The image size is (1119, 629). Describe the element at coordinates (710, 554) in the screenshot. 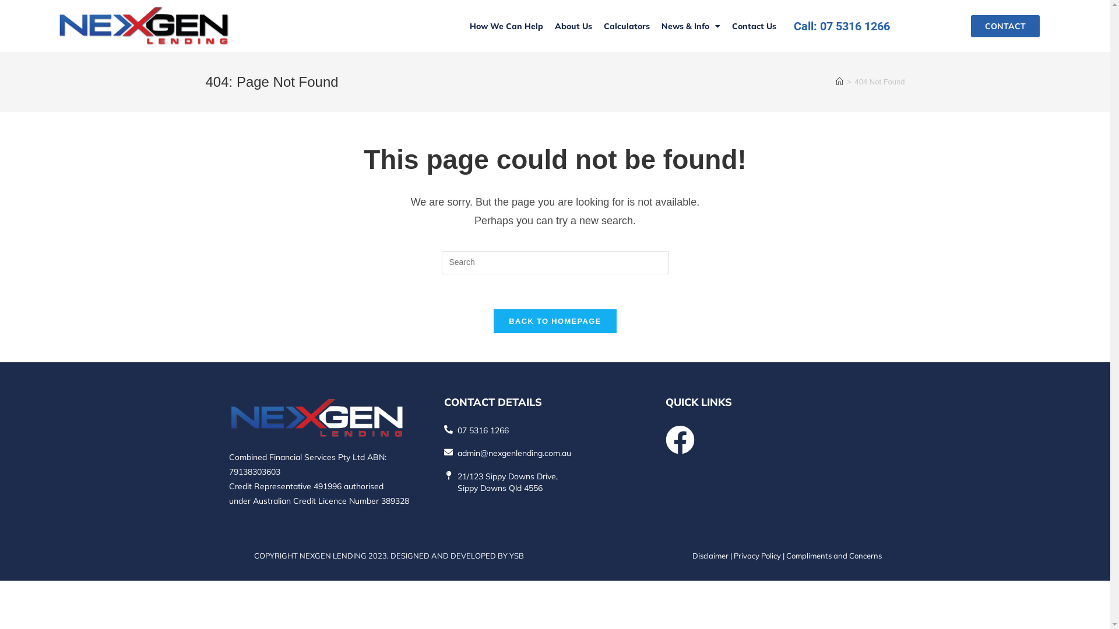

I see `'Disclaimer'` at that location.